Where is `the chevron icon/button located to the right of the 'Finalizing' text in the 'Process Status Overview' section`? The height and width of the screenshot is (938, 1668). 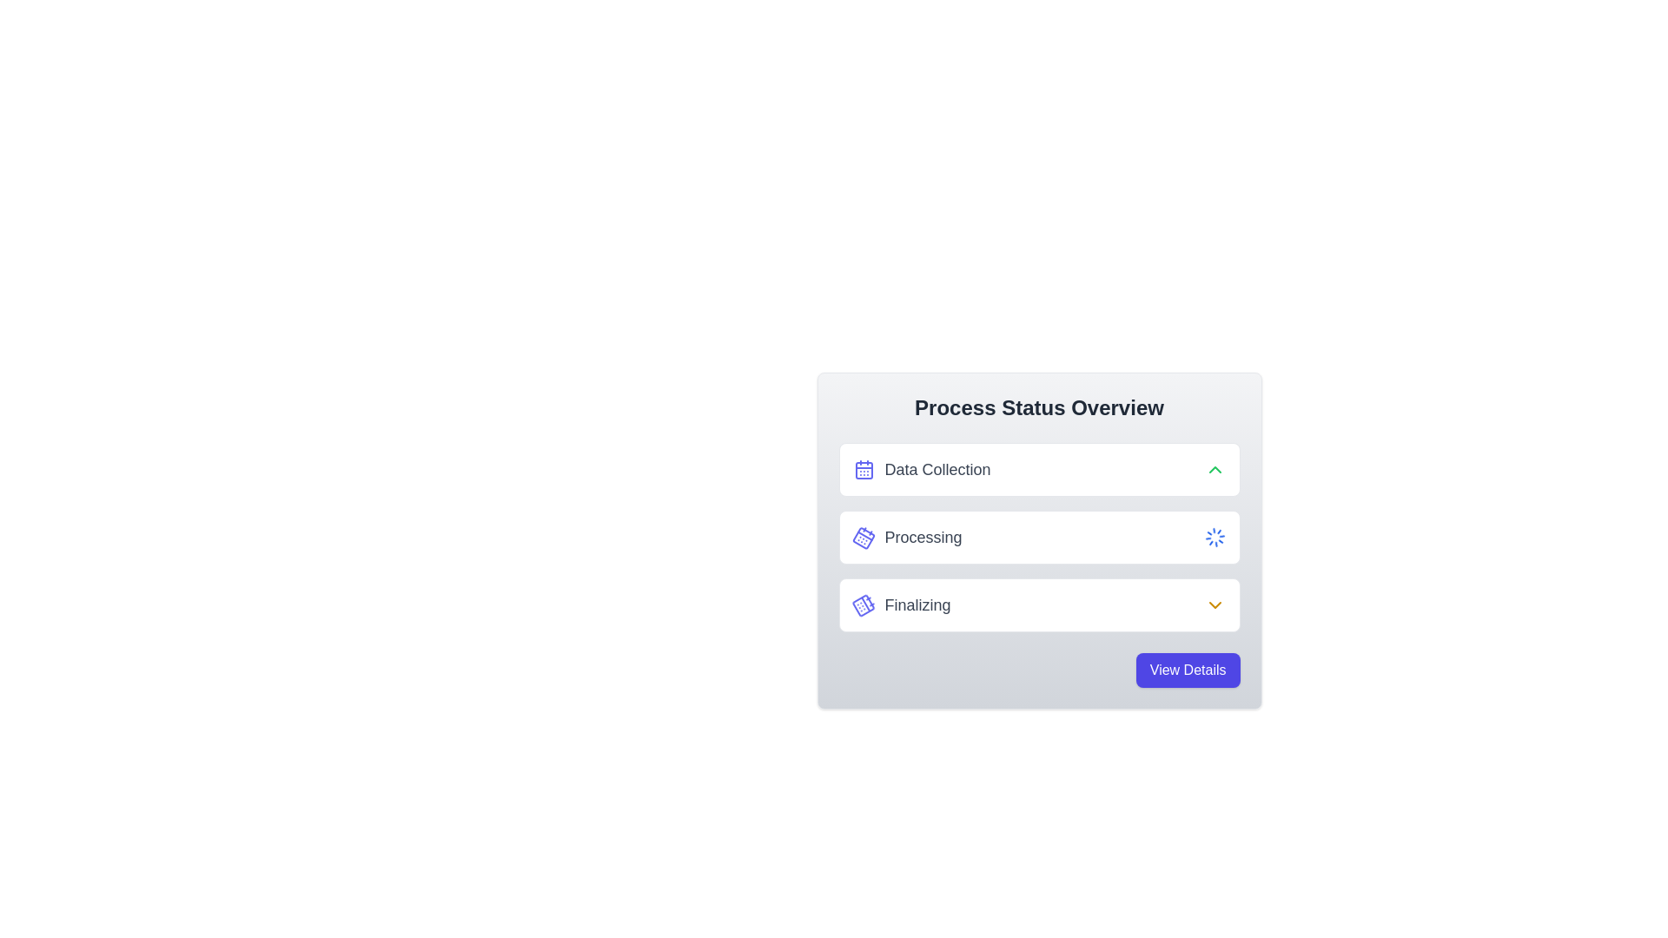
the chevron icon/button located to the right of the 'Finalizing' text in the 'Process Status Overview' section is located at coordinates (1214, 604).